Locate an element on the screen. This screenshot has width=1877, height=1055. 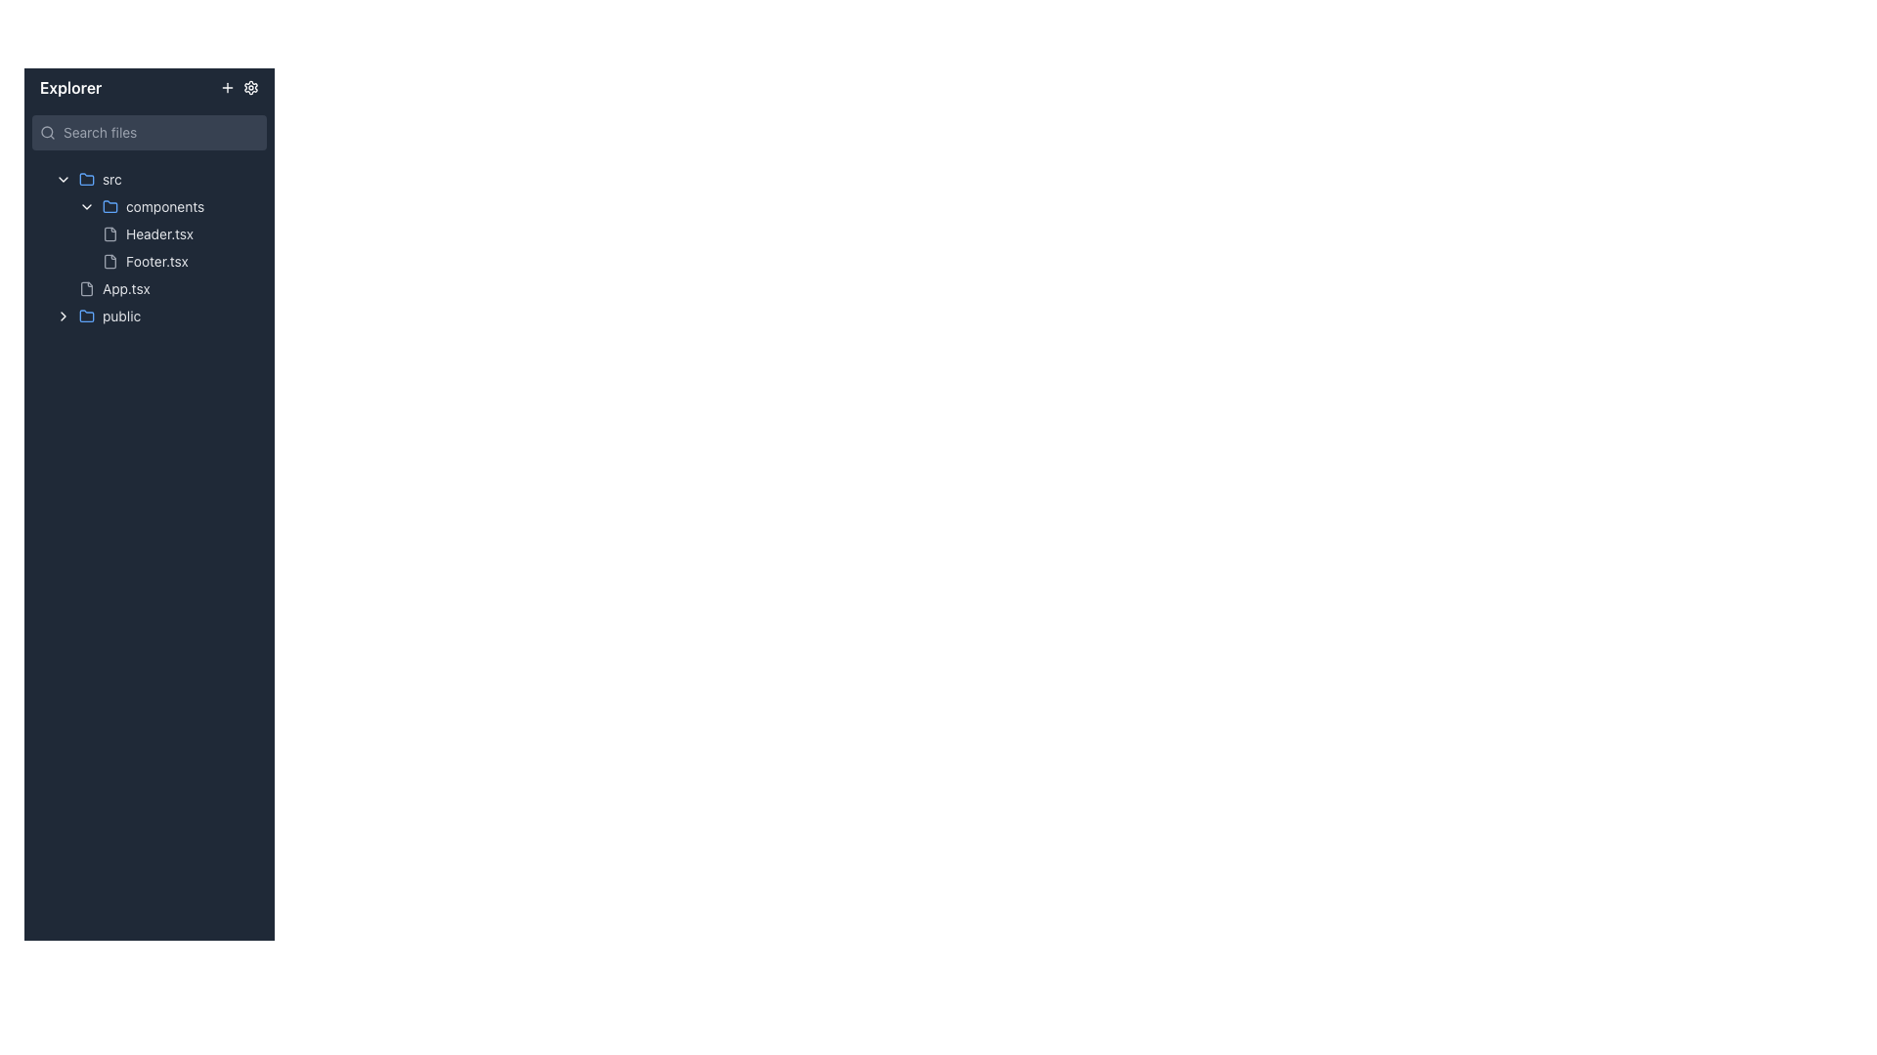
the small 'plus' icon button in the top-right sidebar to change its color to blue is located at coordinates (228, 86).